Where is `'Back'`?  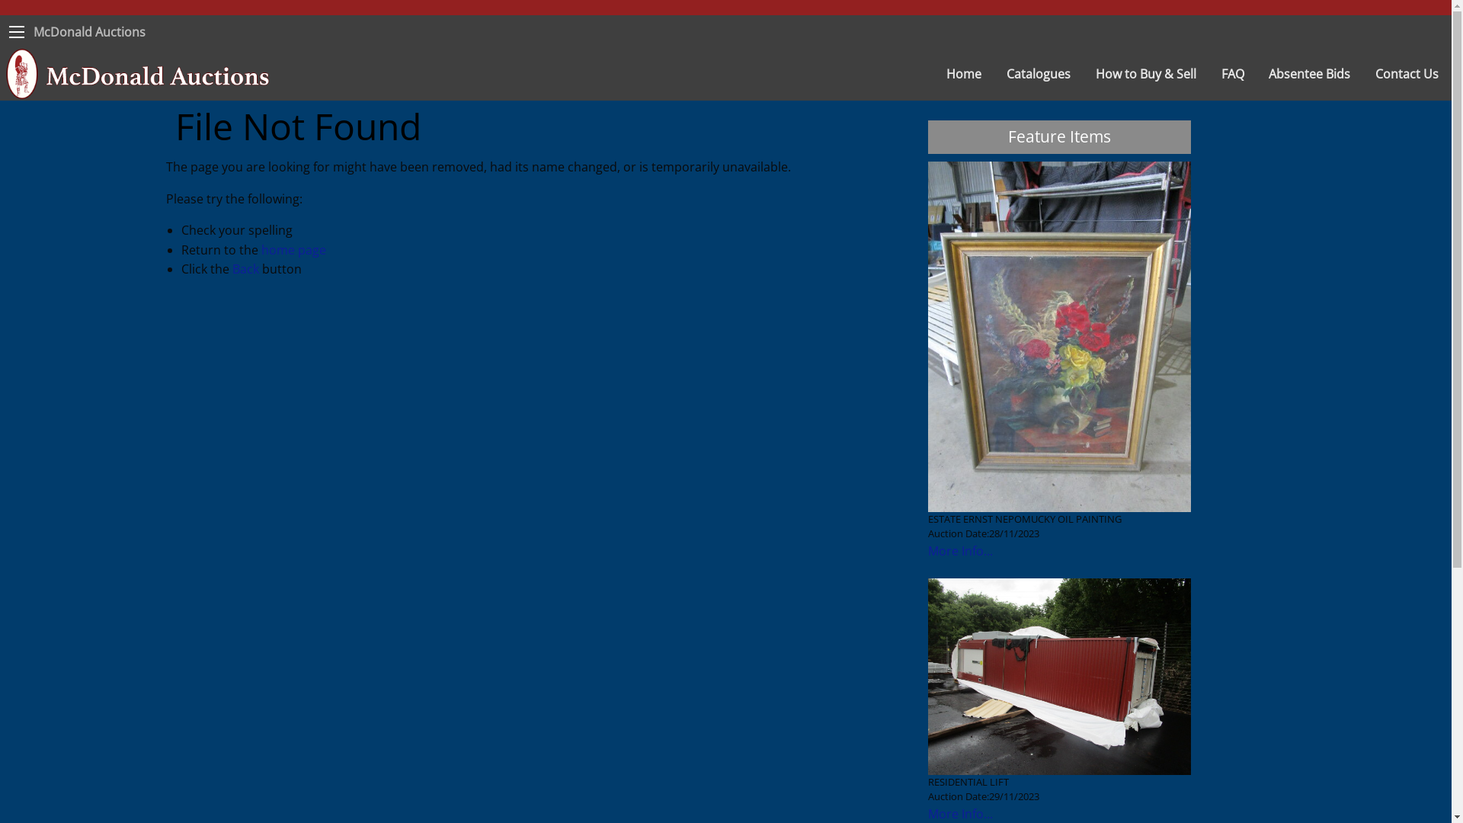 'Back' is located at coordinates (245, 268).